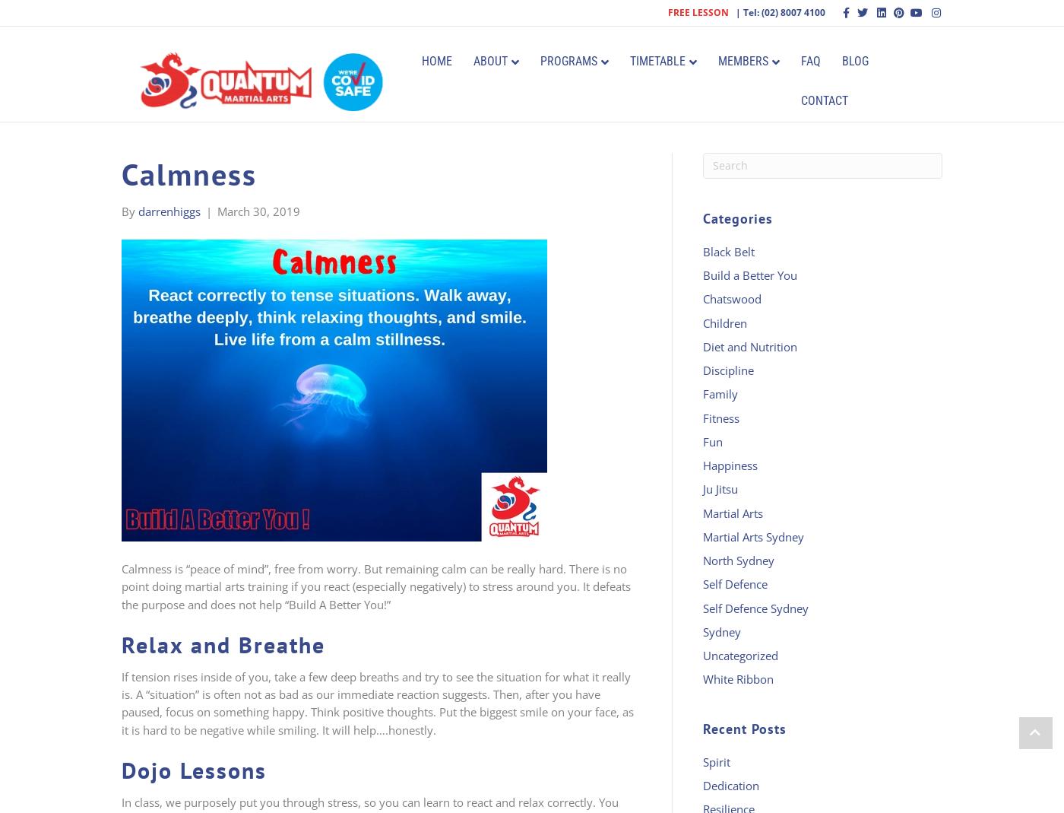 This screenshot has width=1064, height=813. Describe the element at coordinates (169, 209) in the screenshot. I see `'darrenhiggs'` at that location.